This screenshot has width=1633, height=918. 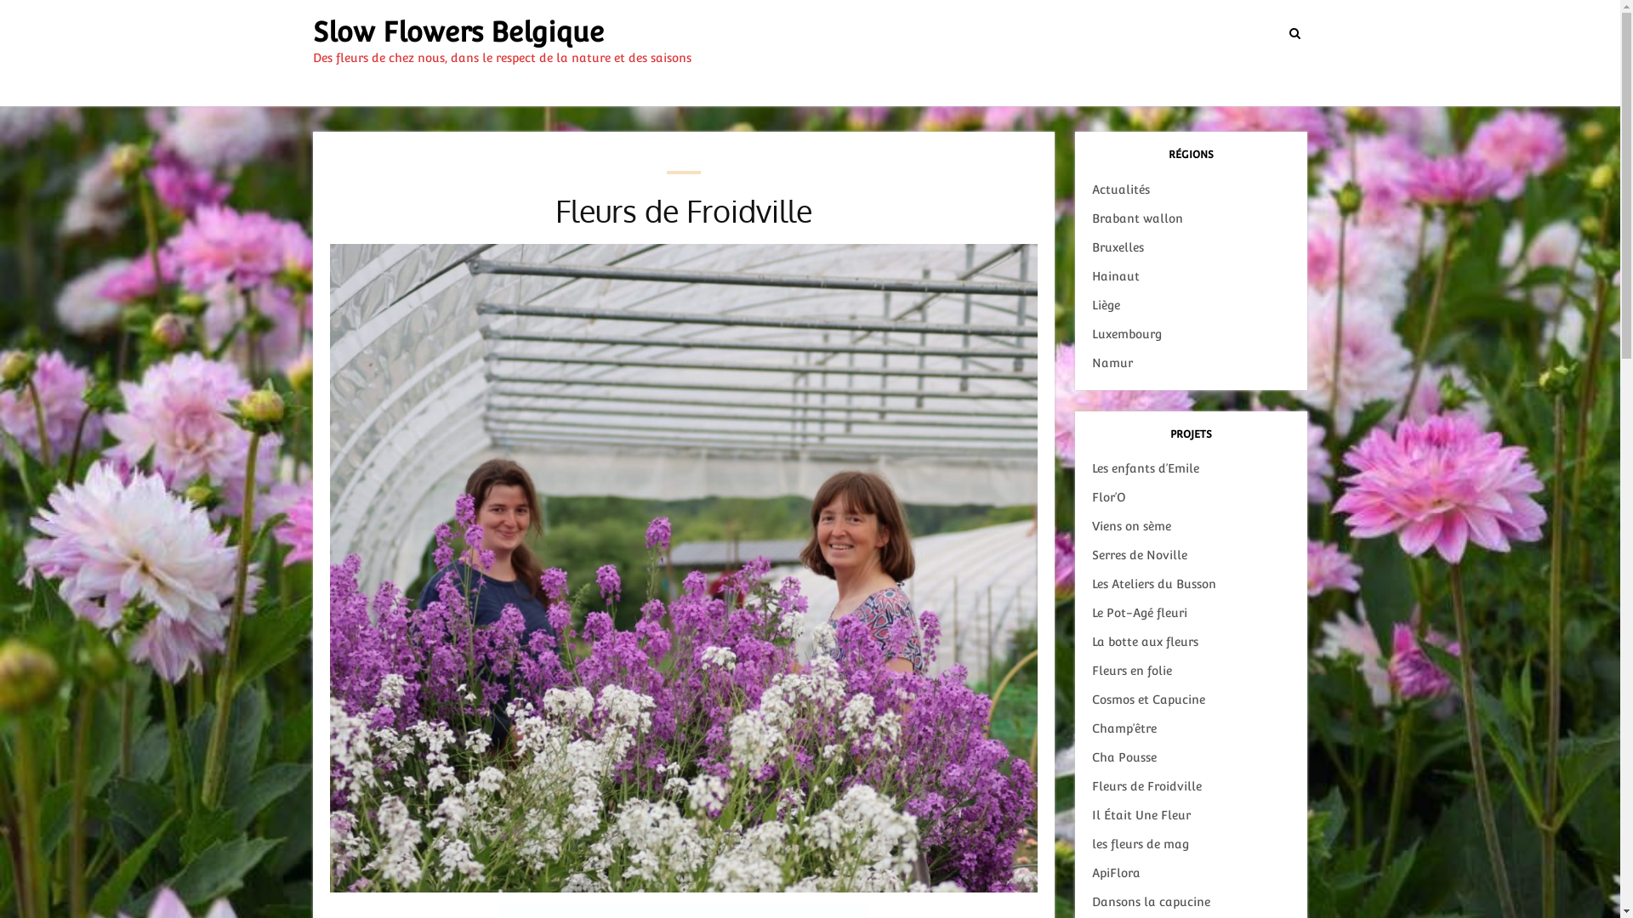 I want to click on 'Cha Pousse', so click(x=1124, y=756).